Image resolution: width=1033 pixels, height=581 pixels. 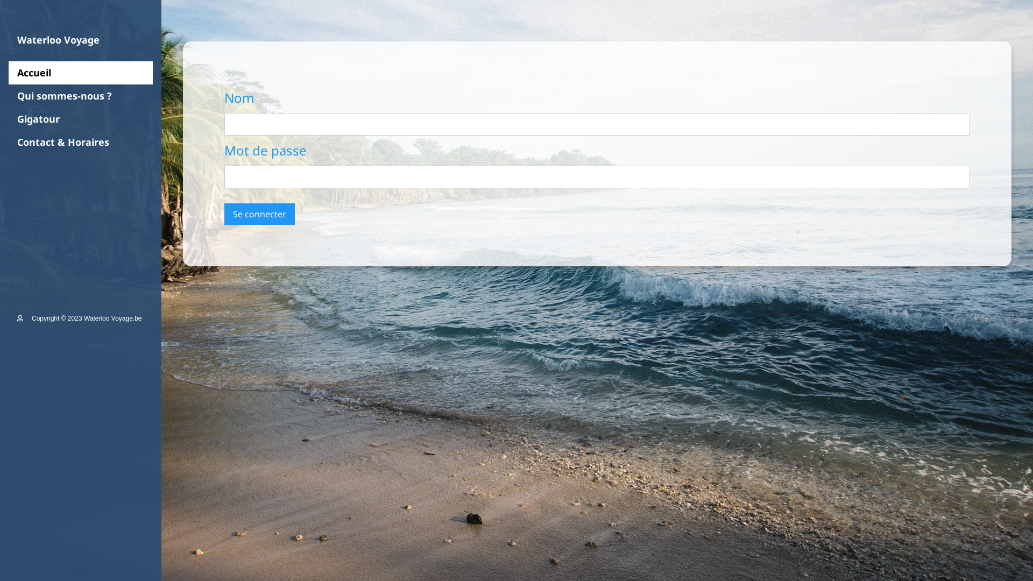 I want to click on 'Gigatour', so click(x=80, y=119).